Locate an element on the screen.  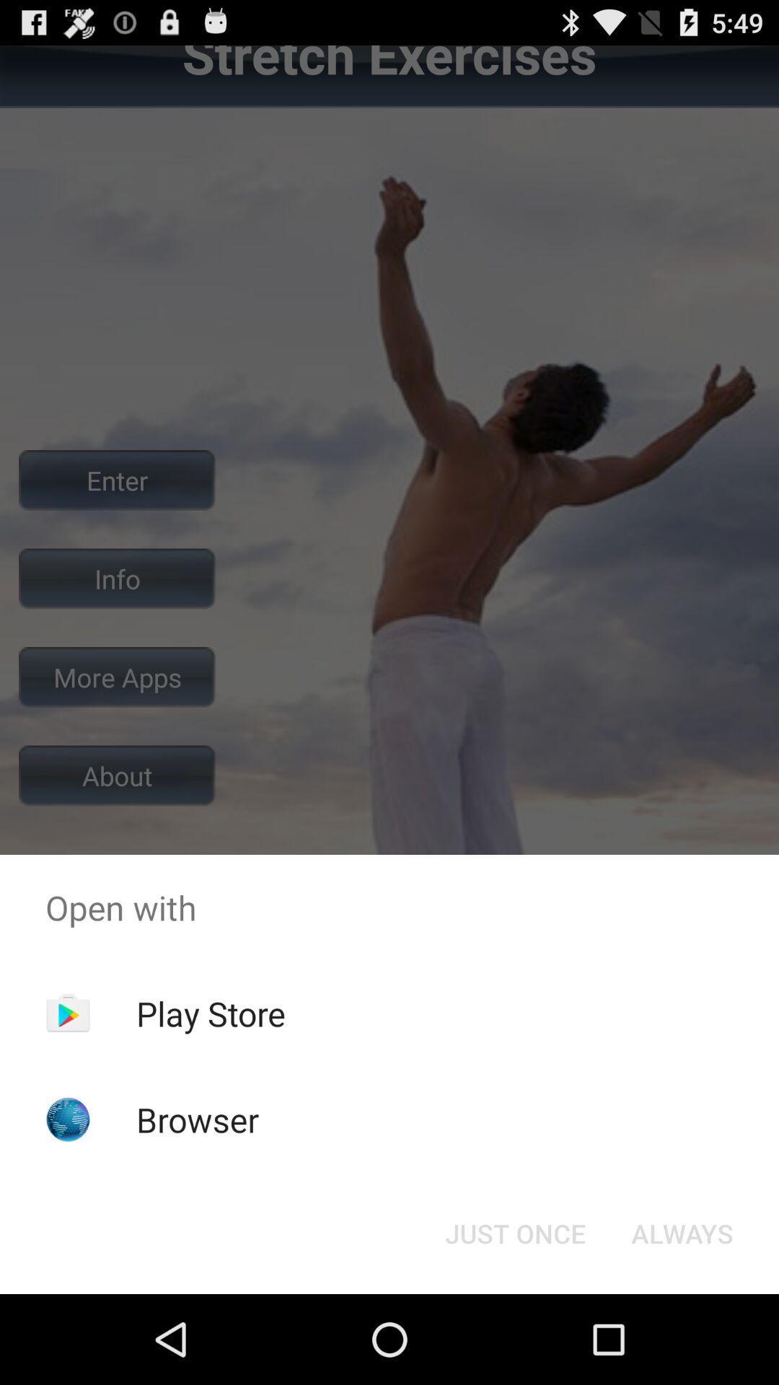
icon next to the just once is located at coordinates (682, 1232).